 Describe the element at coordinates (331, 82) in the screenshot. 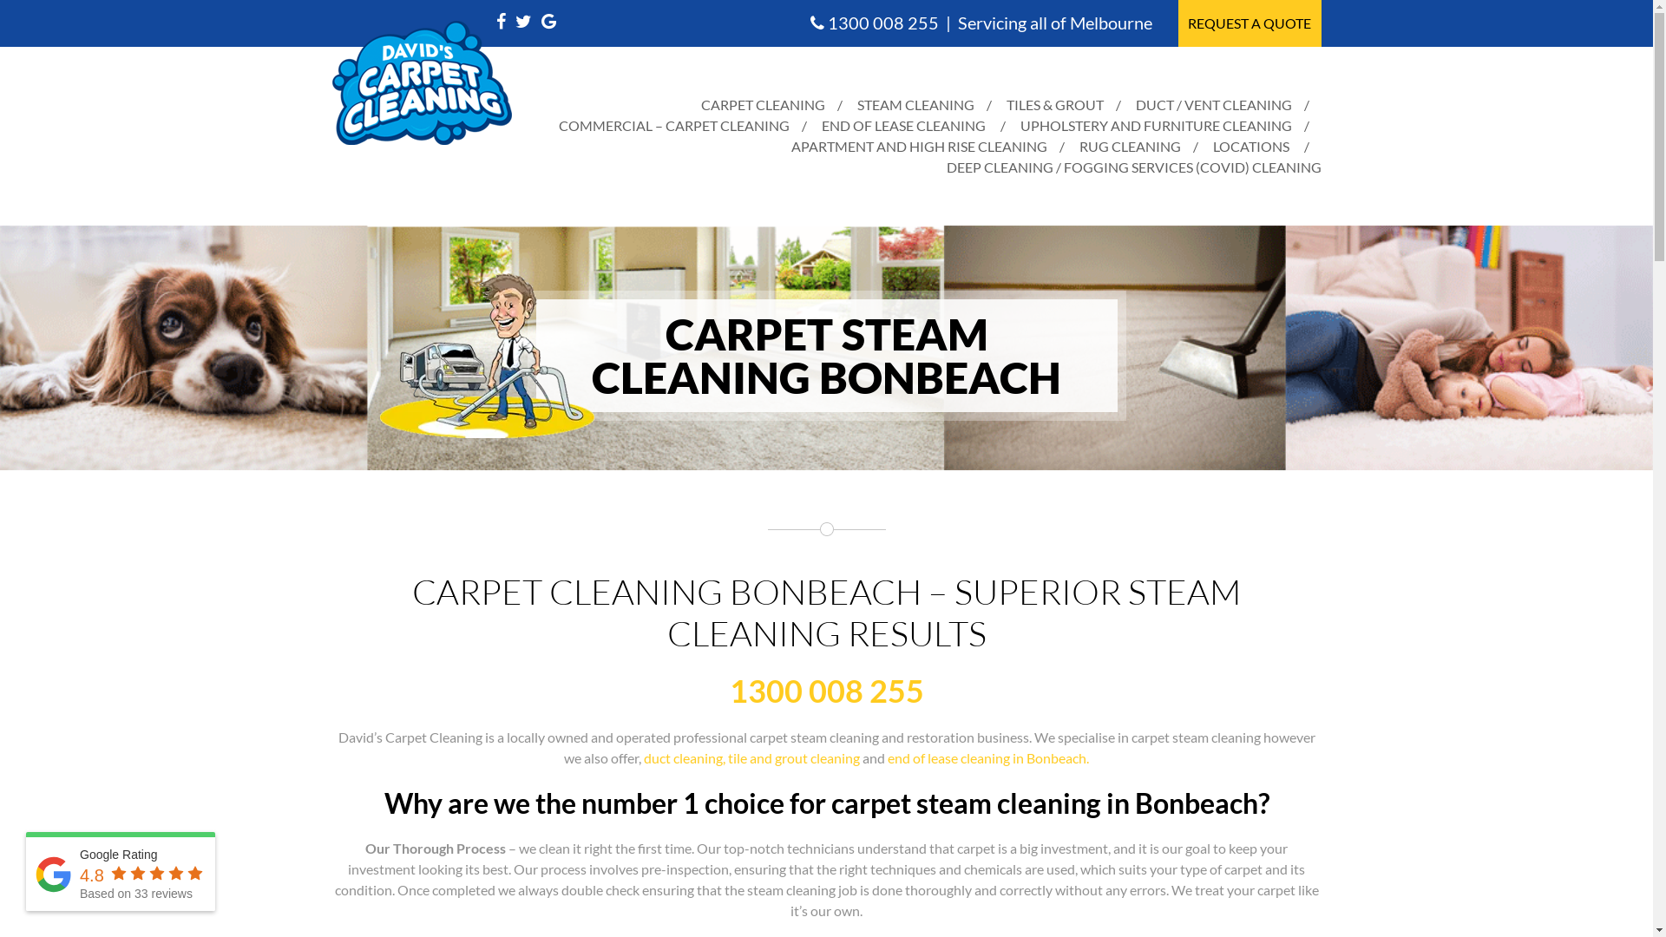

I see `'David Carpet'` at that location.